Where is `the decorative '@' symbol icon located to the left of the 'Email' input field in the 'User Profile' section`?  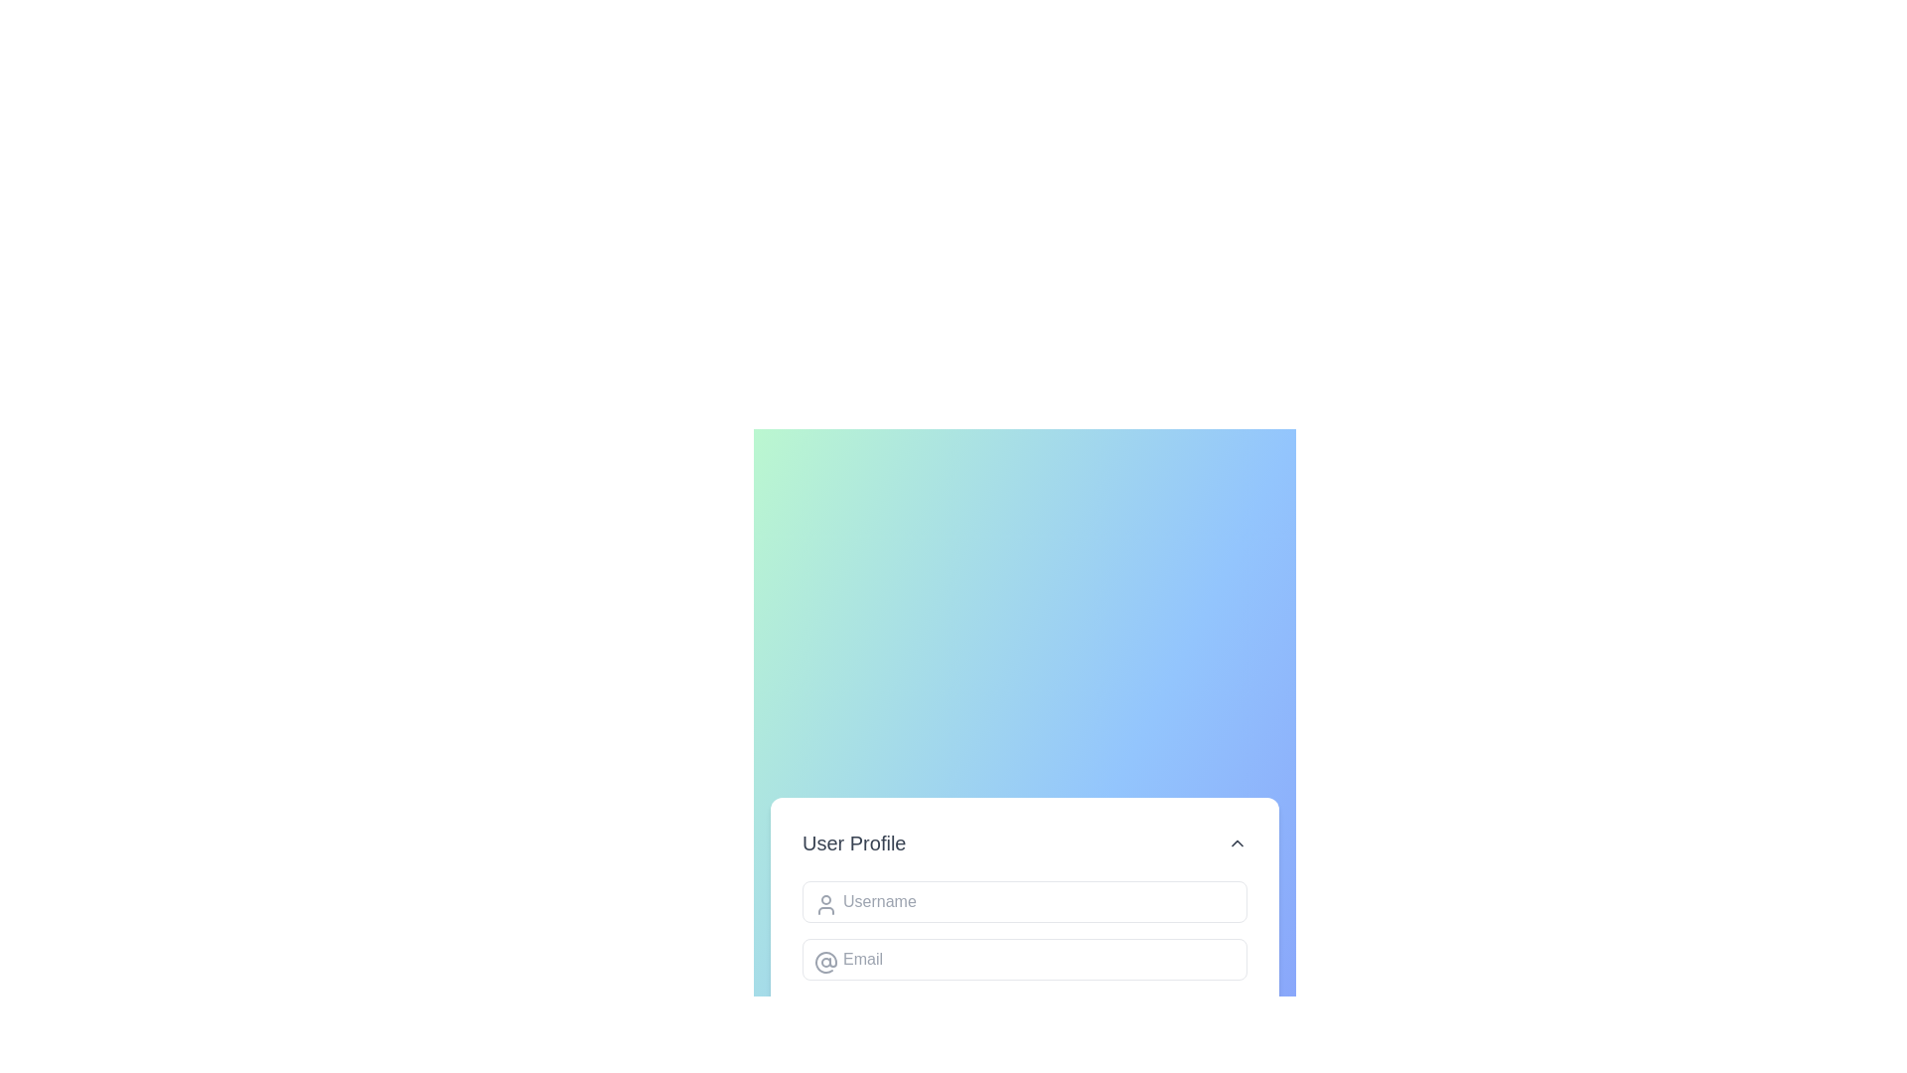
the decorative '@' symbol icon located to the left of the 'Email' input field in the 'User Profile' section is located at coordinates (825, 961).